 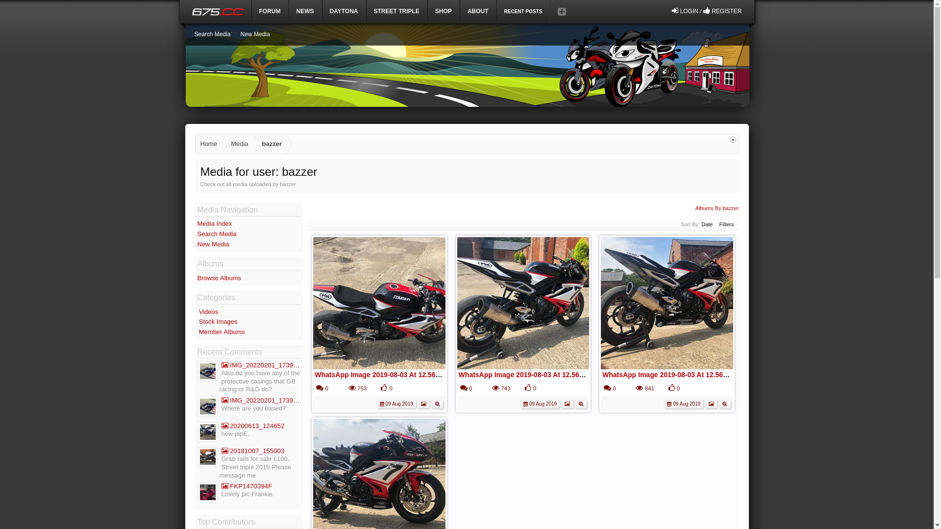 What do you see at coordinates (695, 207) in the screenshot?
I see `'Albums By bazzer'` at bounding box center [695, 207].